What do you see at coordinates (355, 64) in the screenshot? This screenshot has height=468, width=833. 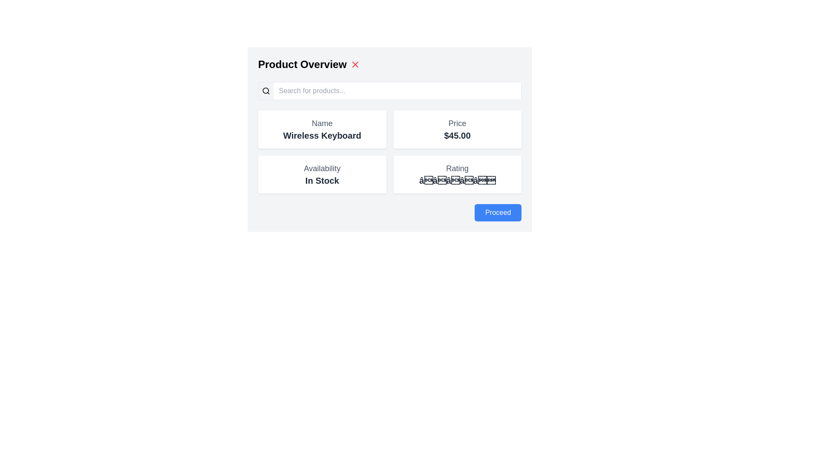 I see `the vibrant red cross icon, which is an SVG-based close or cancel icon located to the right of the 'Product Overview' title in the top-left section of the interface` at bounding box center [355, 64].